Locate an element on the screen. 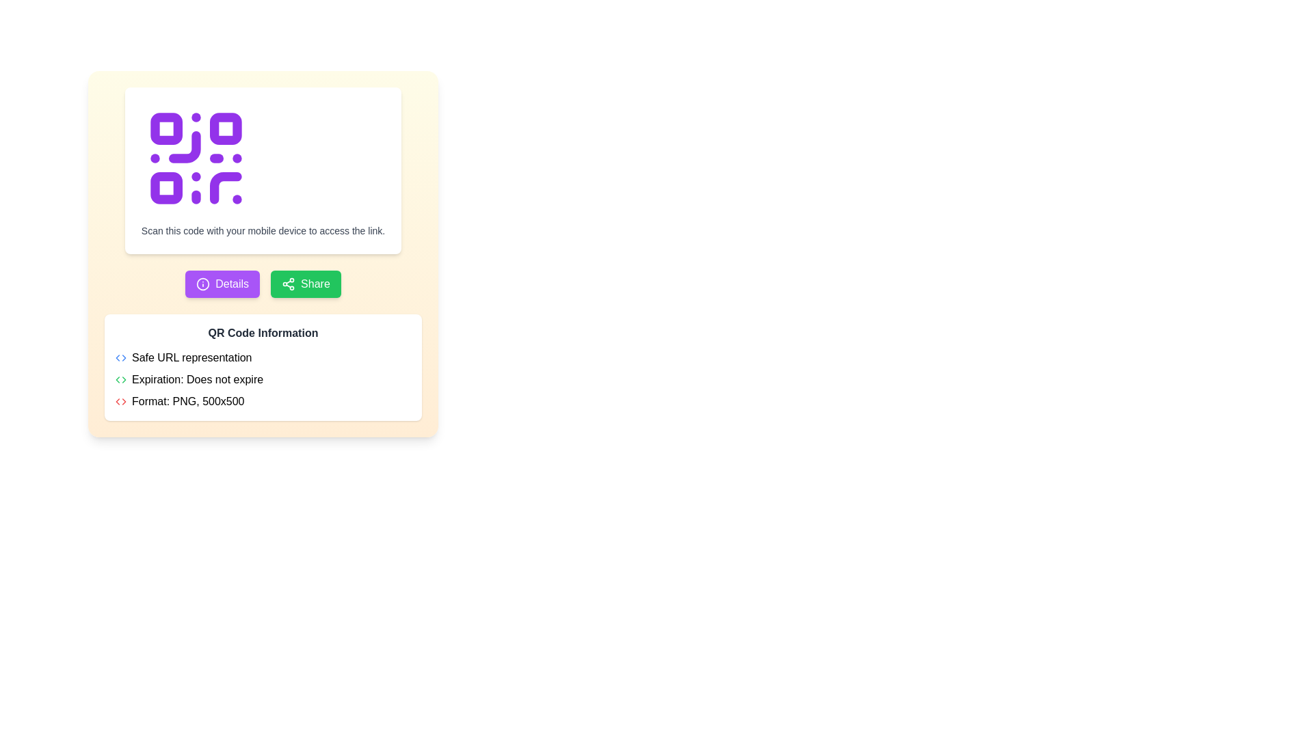 The width and height of the screenshot is (1313, 738). the visual indicator icon positioned to the left of the 'Details' text within the purple button below the QR code is located at coordinates (202, 284).